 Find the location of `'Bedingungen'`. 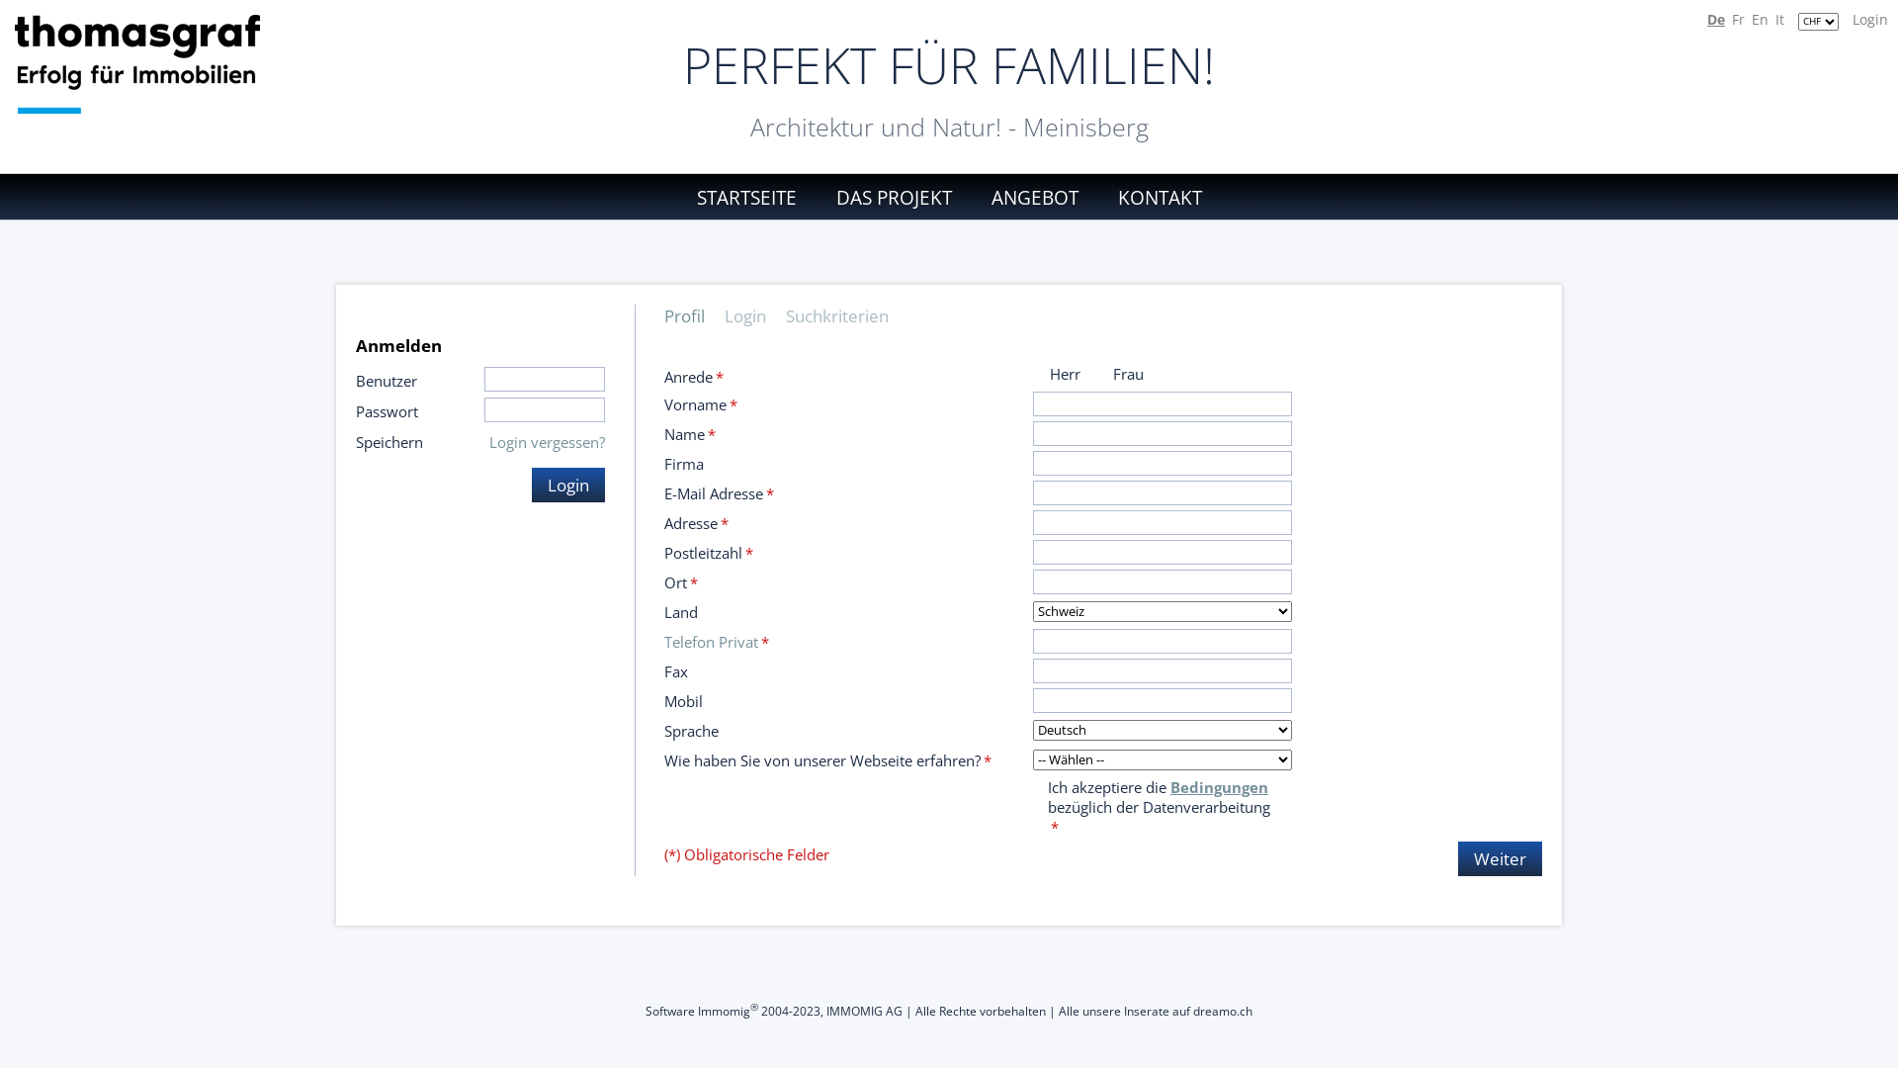

'Bedingungen' is located at coordinates (1218, 785).